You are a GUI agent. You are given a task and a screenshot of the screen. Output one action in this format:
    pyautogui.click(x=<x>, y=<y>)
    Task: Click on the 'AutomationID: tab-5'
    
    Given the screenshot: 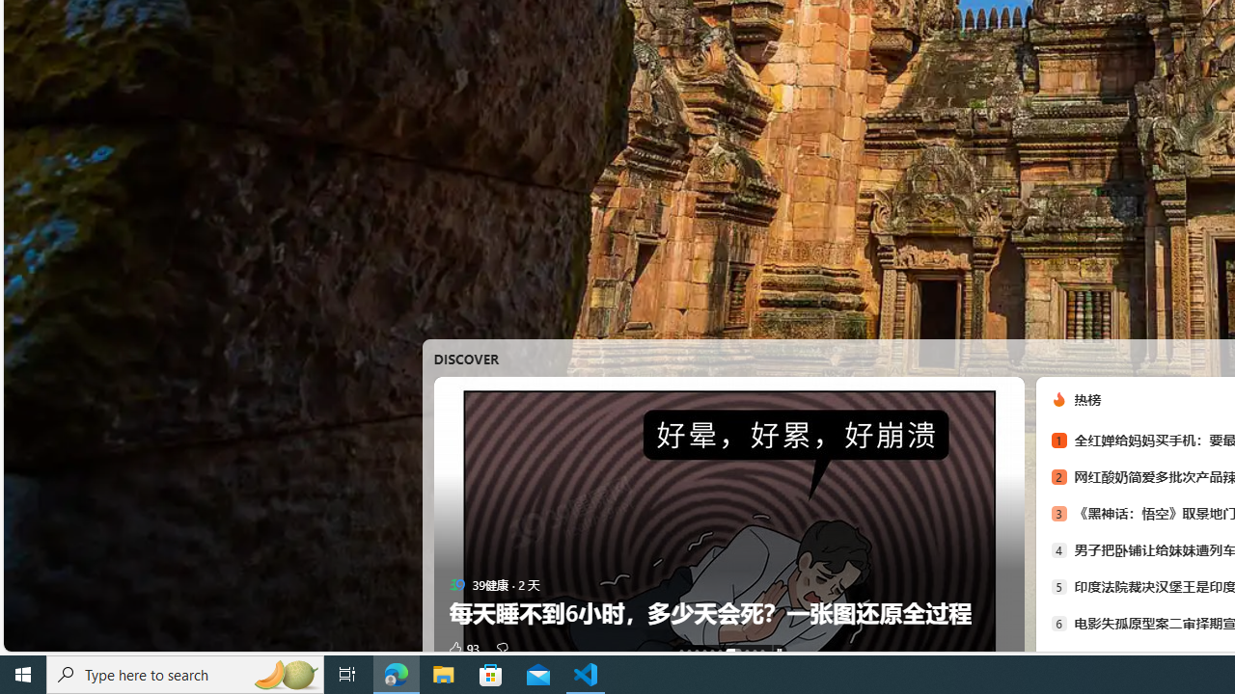 What is the action you would take?
    pyautogui.click(x=719, y=651)
    